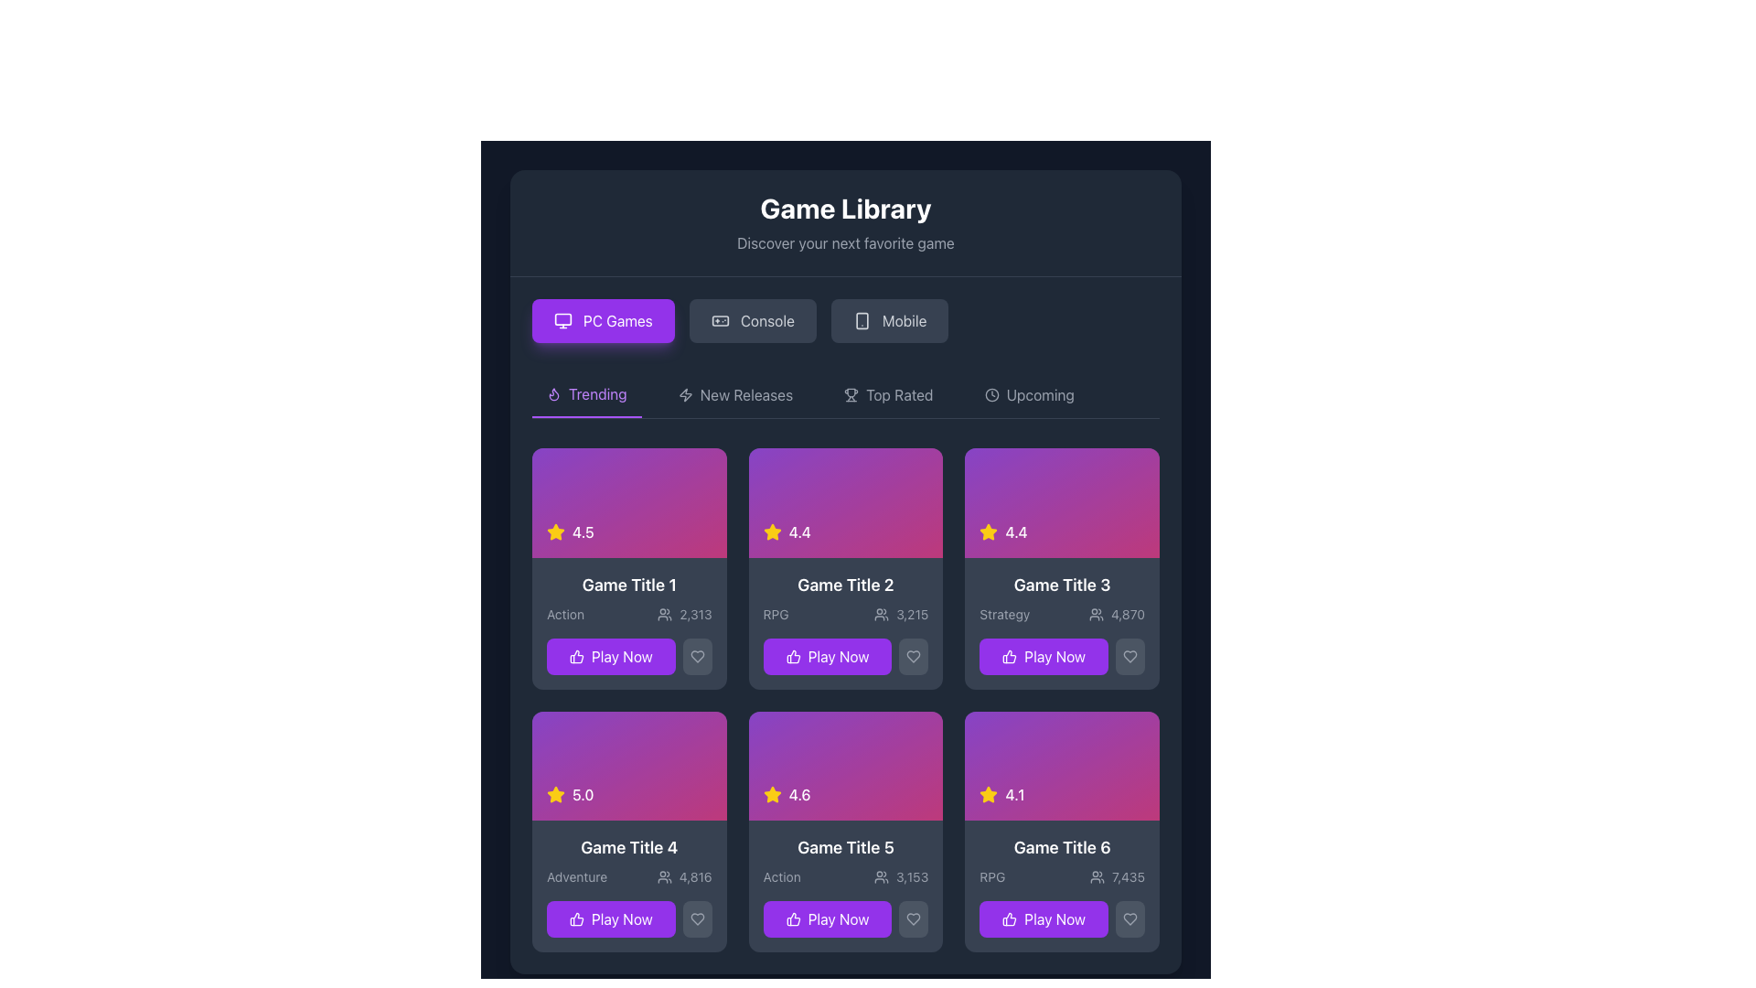 This screenshot has width=1756, height=988. Describe the element at coordinates (575, 919) in the screenshot. I see `the preference icon located at the bottom section of the card for 'Game Title 4'` at that location.